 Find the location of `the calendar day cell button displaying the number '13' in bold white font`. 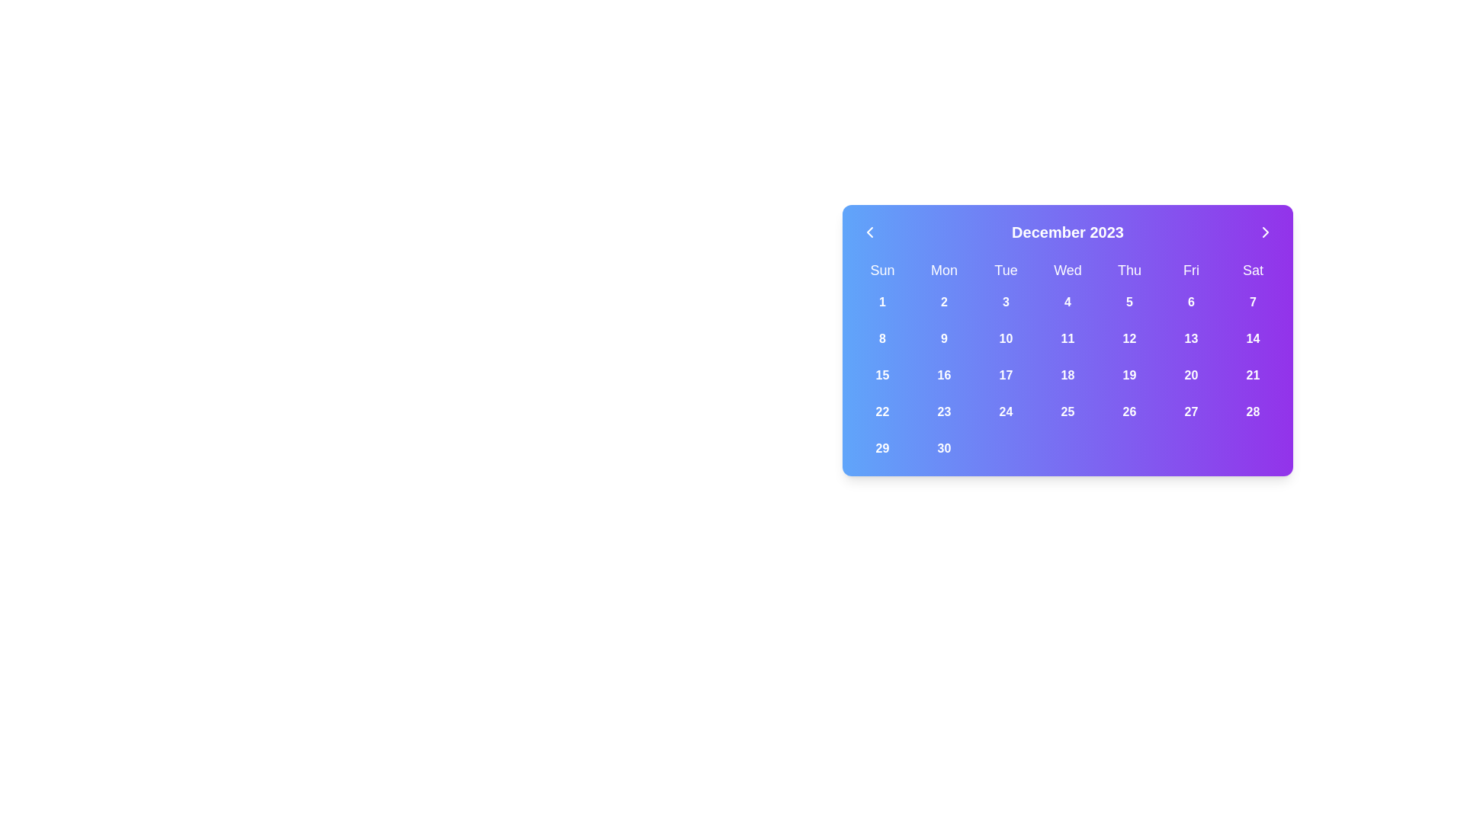

the calendar day cell button displaying the number '13' in bold white font is located at coordinates (1190, 338).